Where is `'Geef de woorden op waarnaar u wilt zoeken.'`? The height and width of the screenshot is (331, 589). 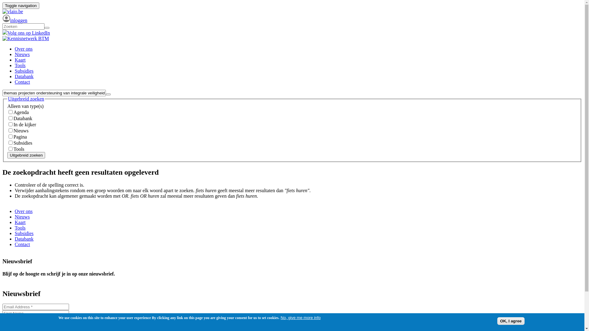
'Geef de woorden op waarnaar u wilt zoeken.' is located at coordinates (23, 26).